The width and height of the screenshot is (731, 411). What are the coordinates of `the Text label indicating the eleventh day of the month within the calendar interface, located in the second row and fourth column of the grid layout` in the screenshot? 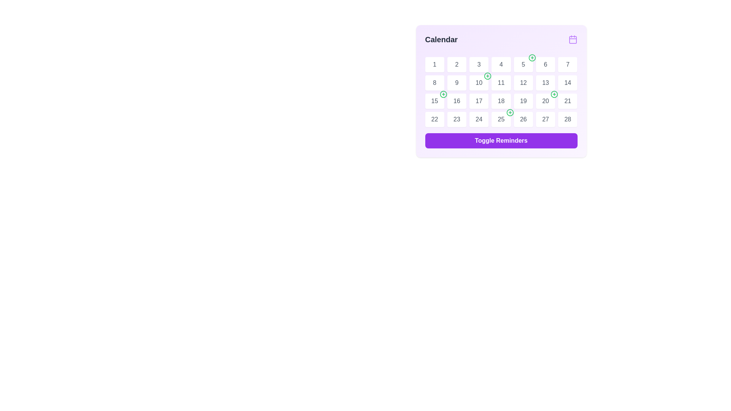 It's located at (501, 83).